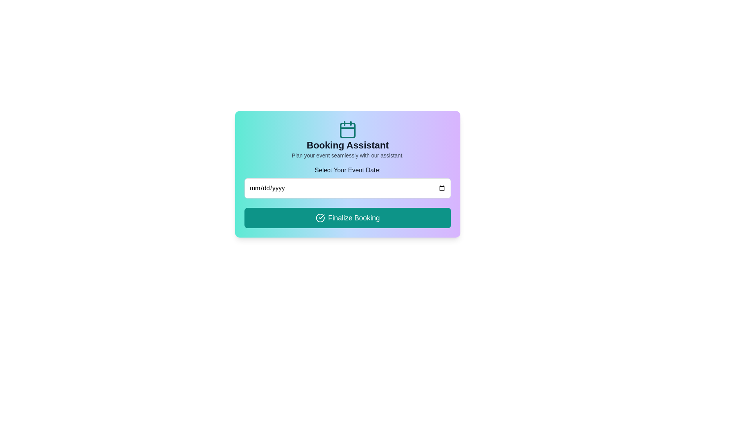 This screenshot has height=422, width=751. I want to click on the calendar SVG icon element located centrally above the 'Booking Assistant' text, which is part of the Booking Assistant feature, so click(347, 129).